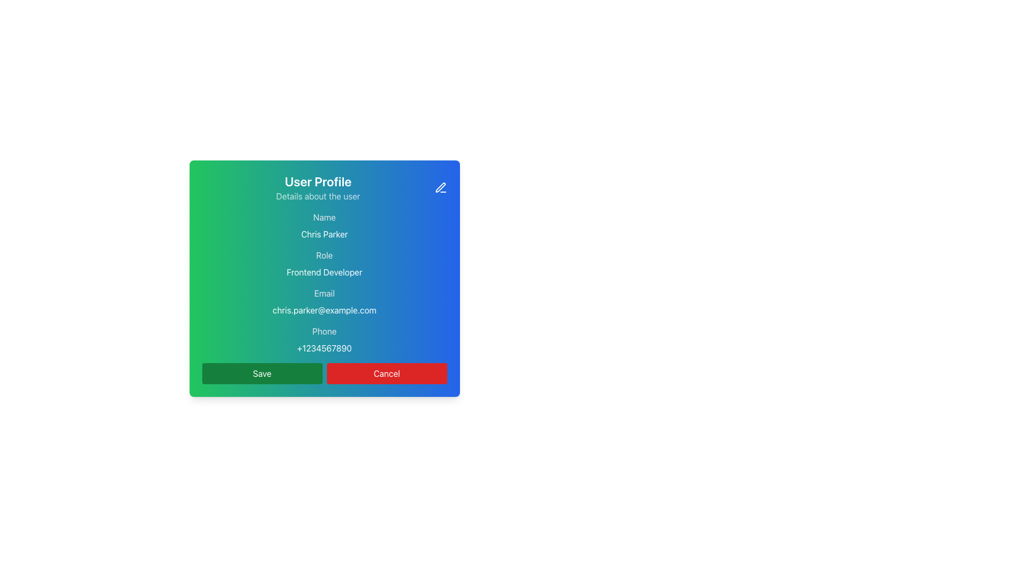 This screenshot has width=1014, height=570. I want to click on the static text element displaying 'Details about the user', located just underneath the title 'User Profile' in the user profile card interface, so click(317, 196).